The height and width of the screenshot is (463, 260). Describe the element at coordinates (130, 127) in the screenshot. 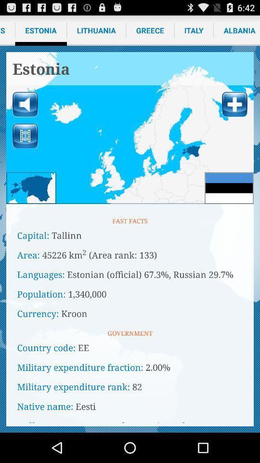

I see `adv link` at that location.